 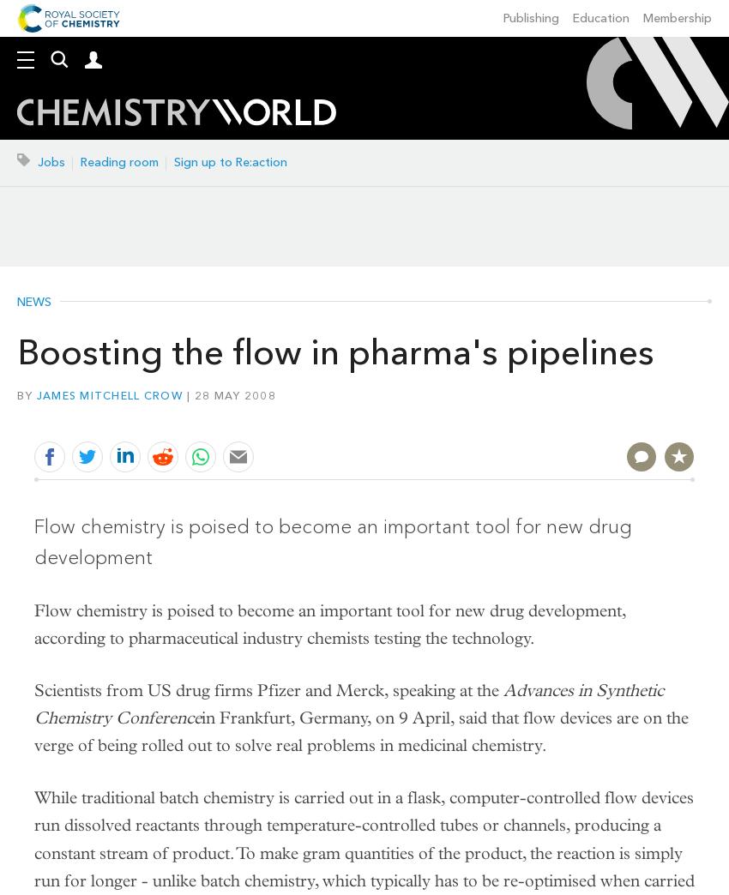 I want to click on '28 May 2008', so click(x=234, y=394).